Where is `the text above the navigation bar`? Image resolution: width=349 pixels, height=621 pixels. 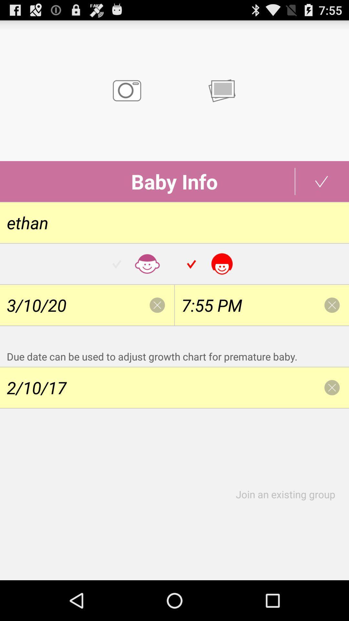
the text above the navigation bar is located at coordinates (289, 494).